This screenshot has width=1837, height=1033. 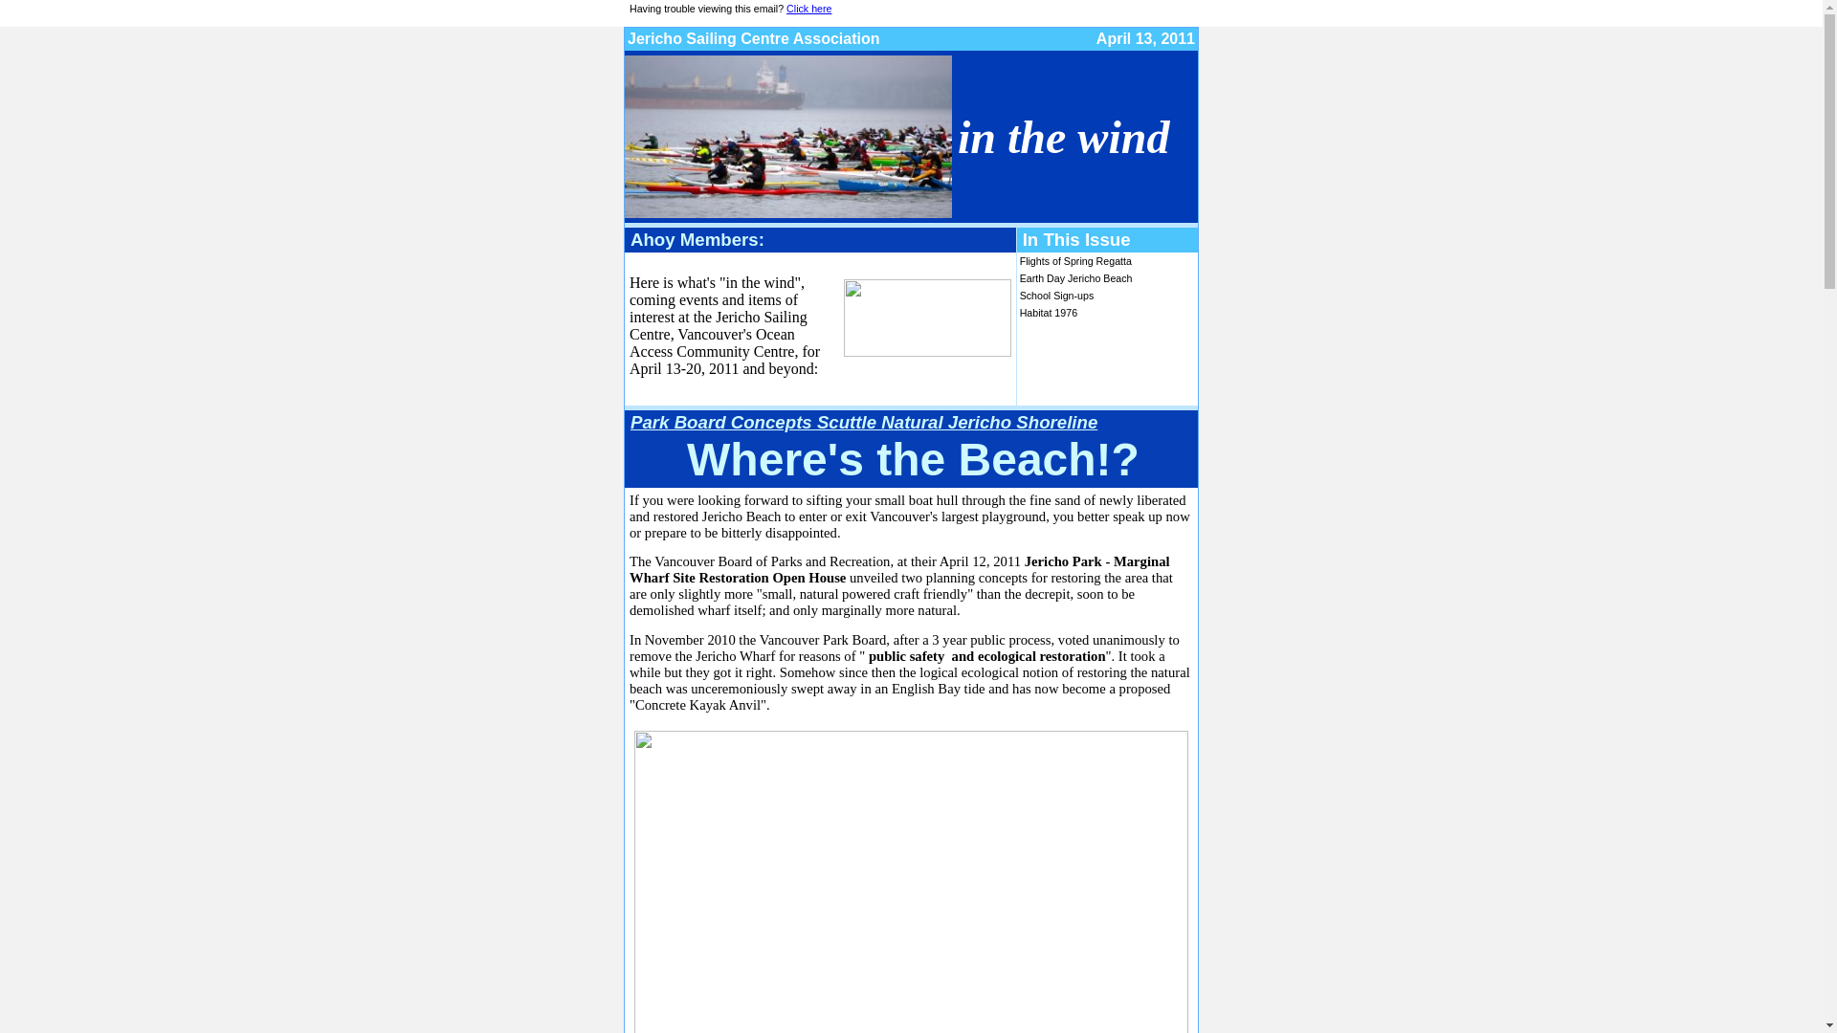 I want to click on 'Habitat 1976', so click(x=1047, y=312).